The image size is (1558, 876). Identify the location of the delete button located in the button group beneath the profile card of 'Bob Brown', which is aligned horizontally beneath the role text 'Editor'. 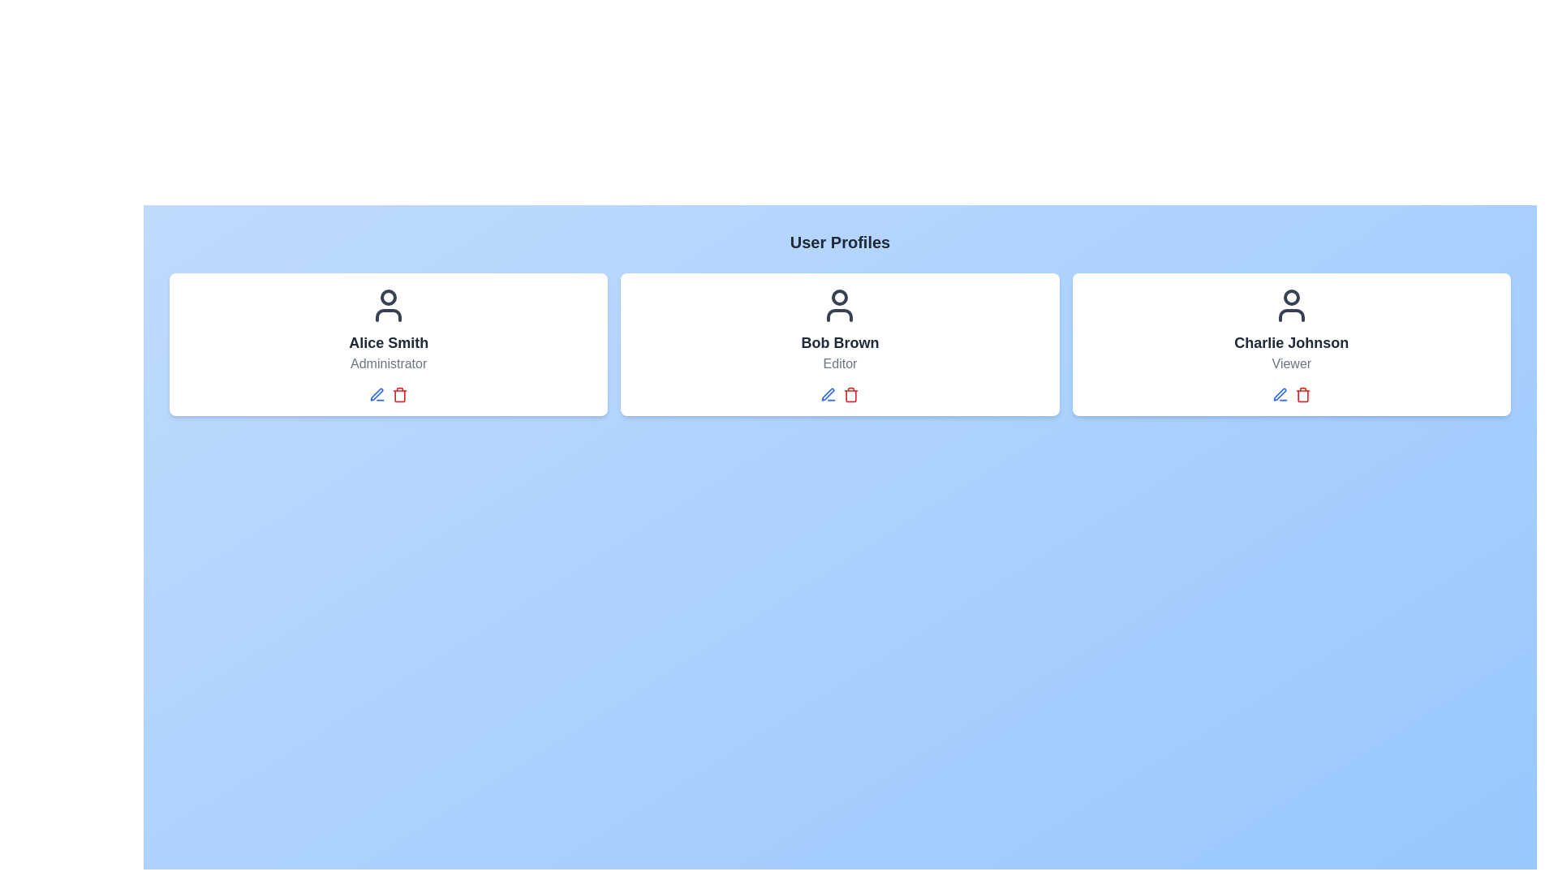
(840, 394).